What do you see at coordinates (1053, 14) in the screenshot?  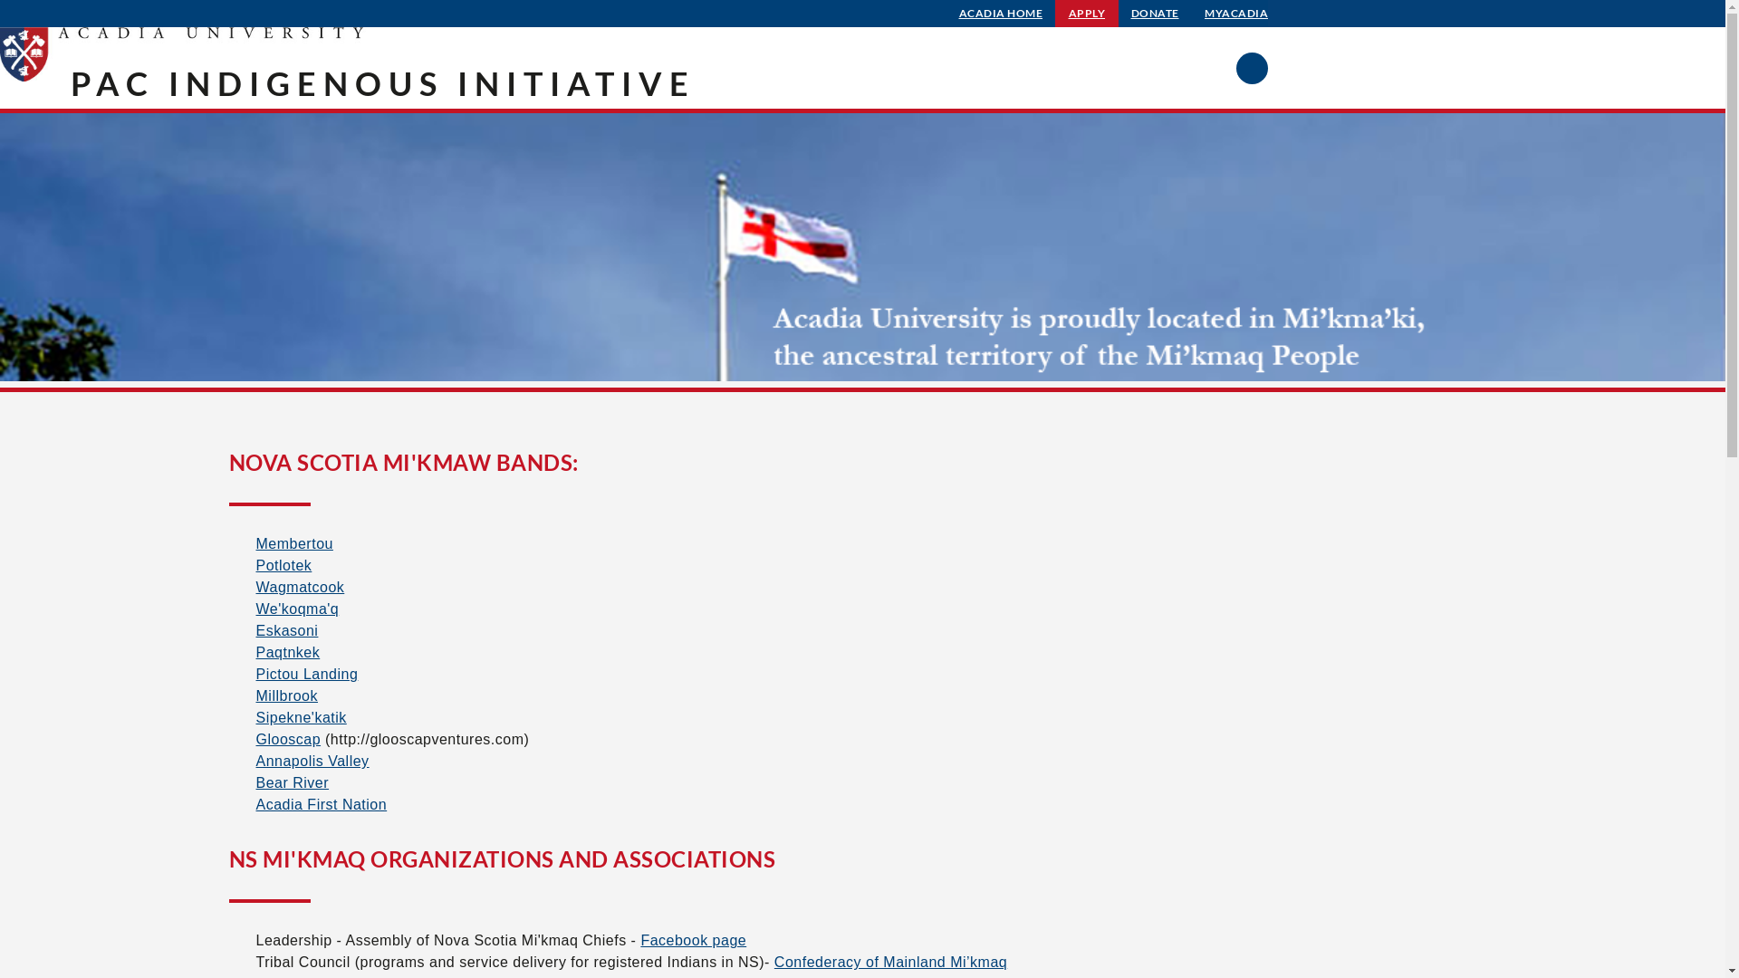 I see `'APPLY'` at bounding box center [1053, 14].